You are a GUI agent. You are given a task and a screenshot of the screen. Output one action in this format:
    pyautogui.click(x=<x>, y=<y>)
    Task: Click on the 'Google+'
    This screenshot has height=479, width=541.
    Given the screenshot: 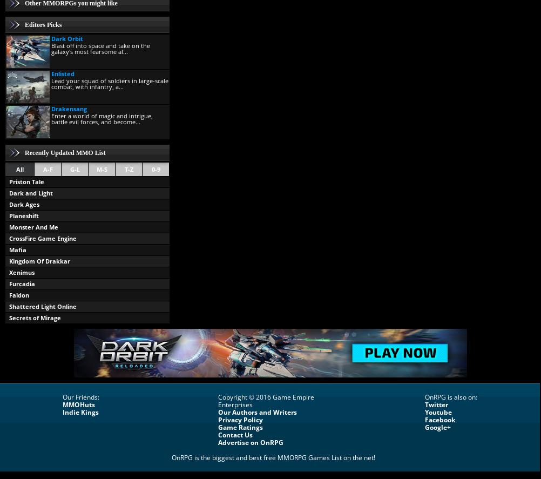 What is the action you would take?
    pyautogui.click(x=437, y=427)
    